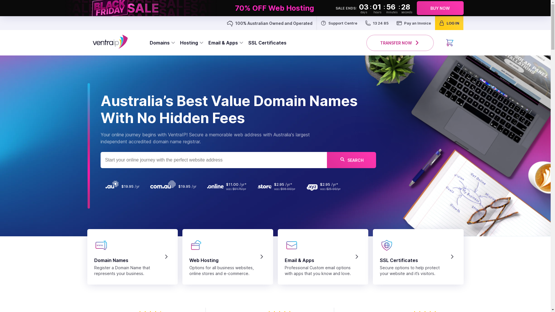 Image resolution: width=555 pixels, height=312 pixels. Describe the element at coordinates (339, 23) in the screenshot. I see `'Support Centre'` at that location.